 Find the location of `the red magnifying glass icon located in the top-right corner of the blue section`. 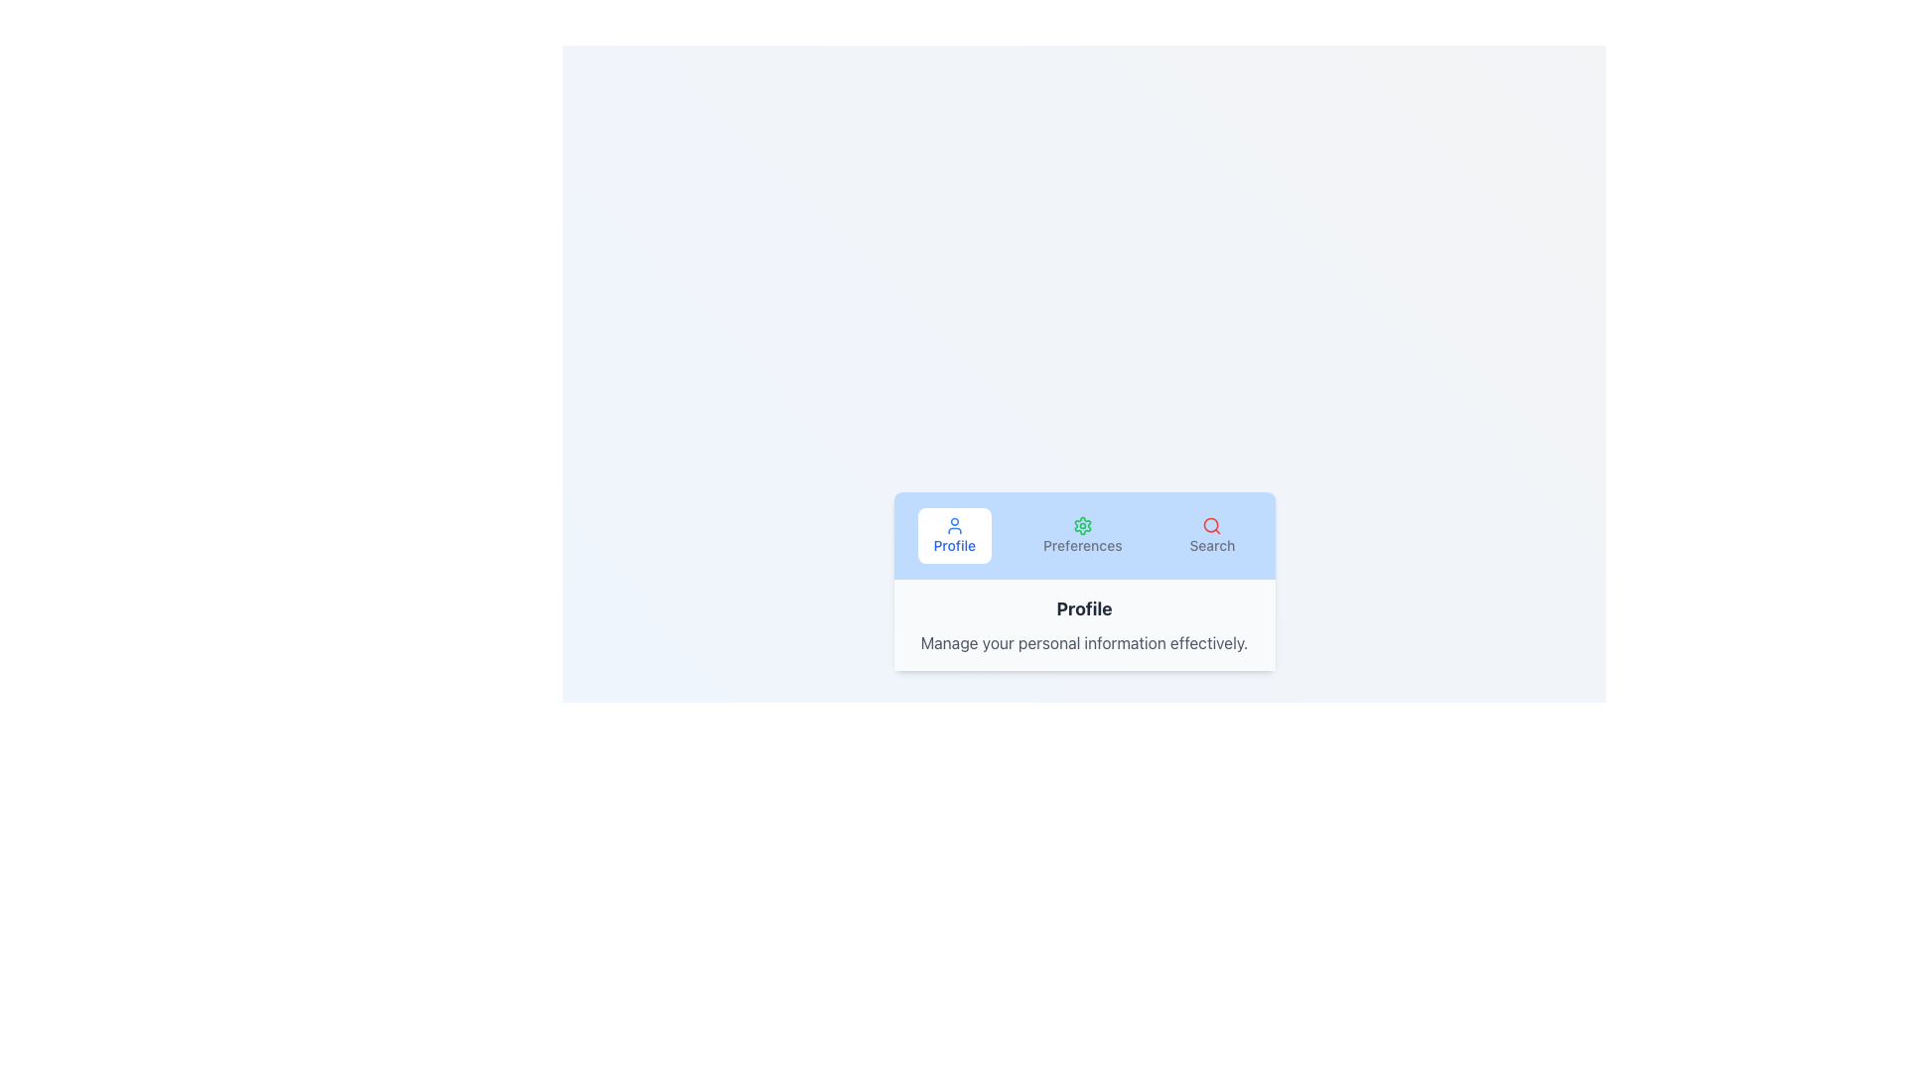

the red magnifying glass icon located in the top-right corner of the blue section is located at coordinates (1211, 524).